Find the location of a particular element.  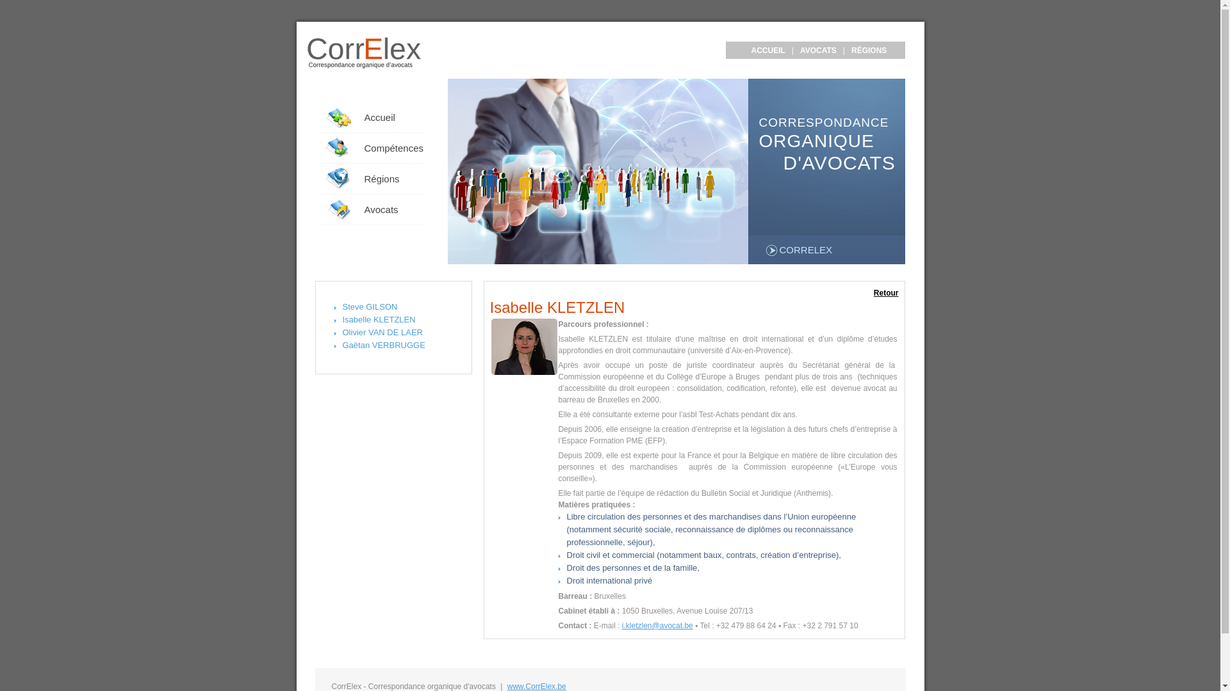

'Accueil' is located at coordinates (373, 118).